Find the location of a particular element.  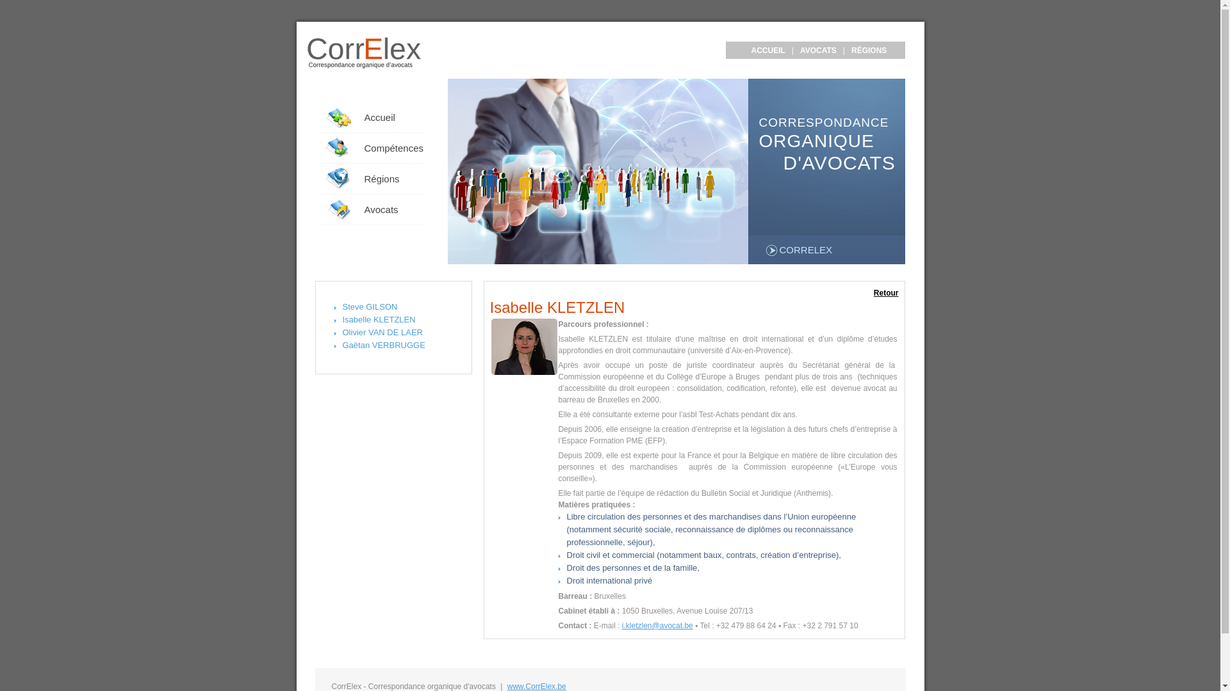

'Accueil' is located at coordinates (373, 118).